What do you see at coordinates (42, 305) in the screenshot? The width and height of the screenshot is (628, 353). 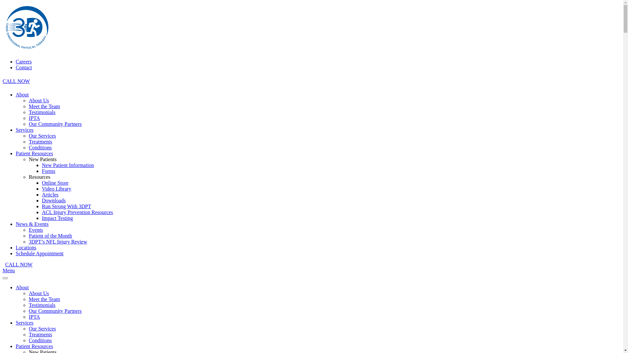 I see `'Testimonials'` at bounding box center [42, 305].